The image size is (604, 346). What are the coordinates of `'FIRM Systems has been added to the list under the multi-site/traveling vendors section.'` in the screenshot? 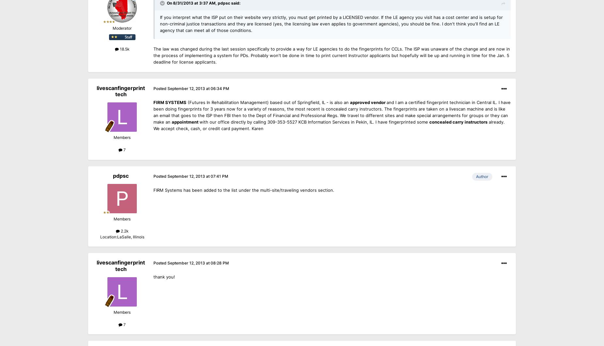 It's located at (153, 189).